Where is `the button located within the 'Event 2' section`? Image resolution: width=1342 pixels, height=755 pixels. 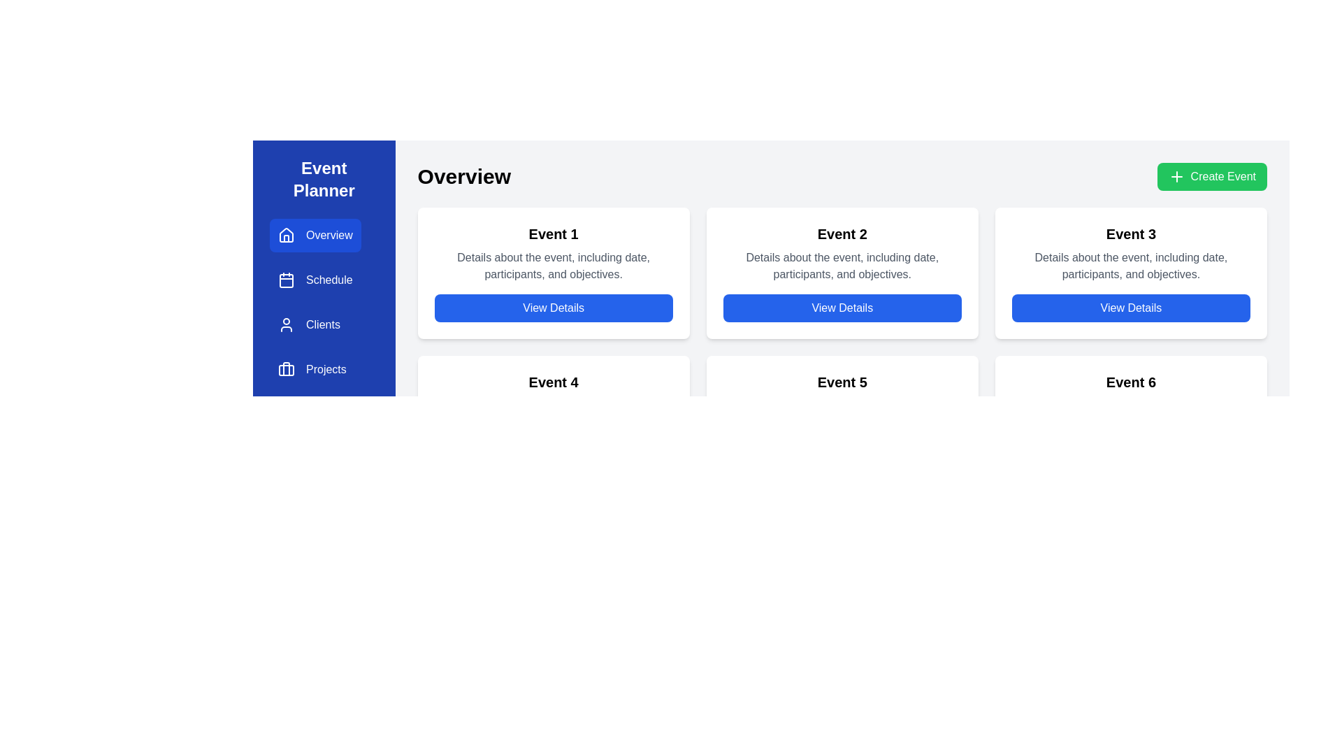
the button located within the 'Event 2' section is located at coordinates (842, 307).